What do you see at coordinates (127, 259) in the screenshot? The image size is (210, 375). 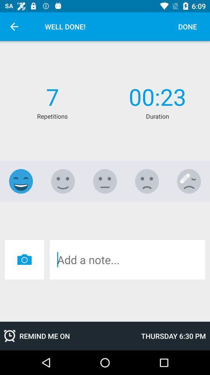 I see `space to add note` at bounding box center [127, 259].